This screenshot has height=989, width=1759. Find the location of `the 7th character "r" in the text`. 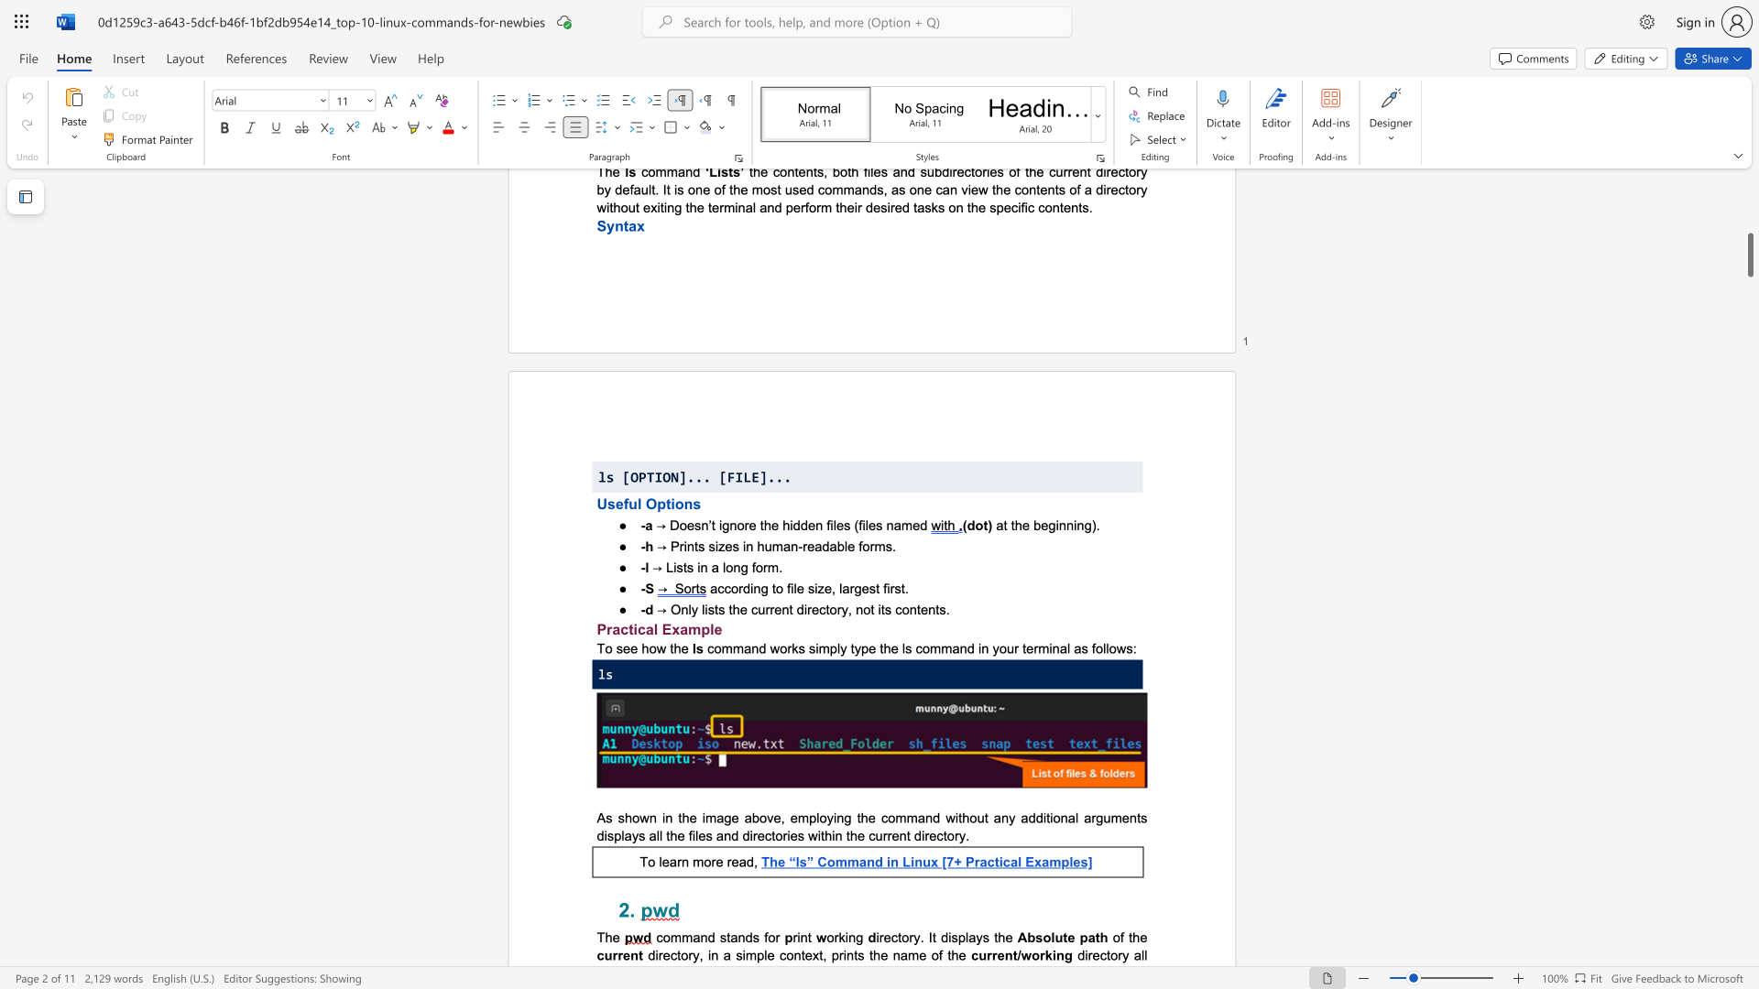

the 7th character "r" in the text is located at coordinates (956, 835).